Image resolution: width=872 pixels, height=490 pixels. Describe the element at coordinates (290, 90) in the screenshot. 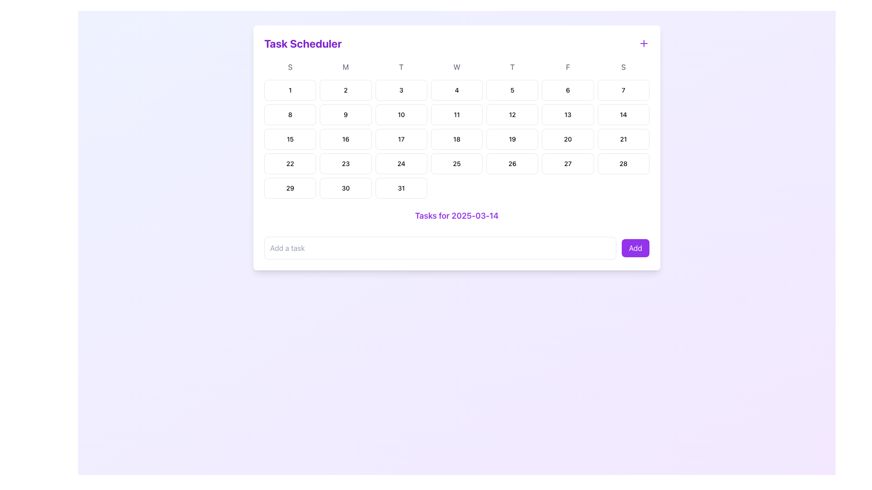

I see `the button representing the first day of the calendar grid` at that location.